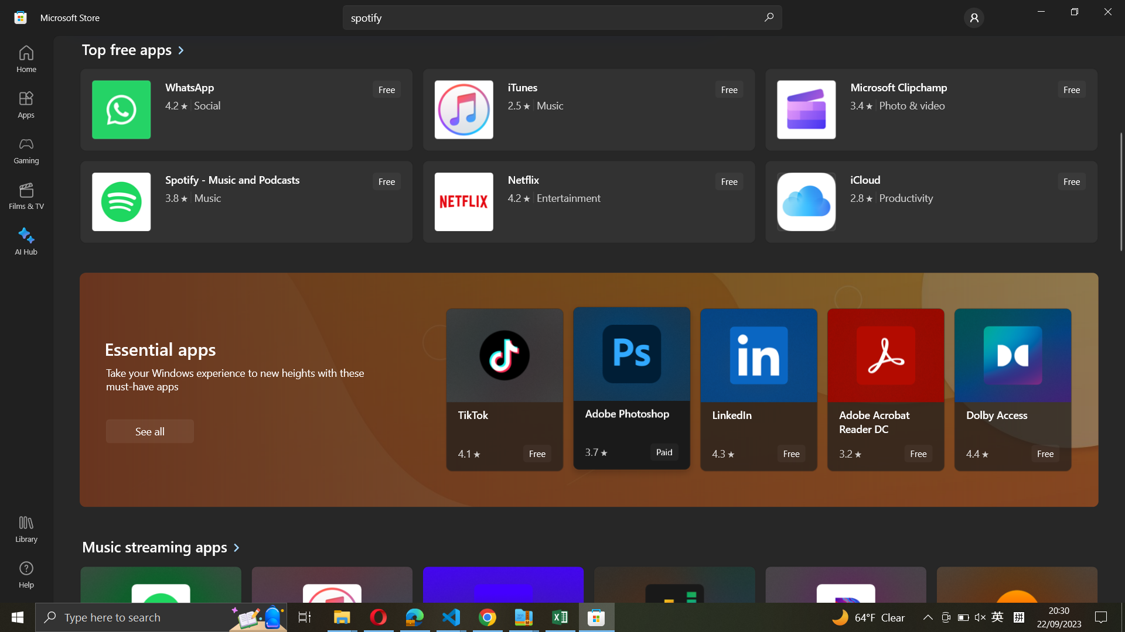 This screenshot has width=1125, height=632. I want to click on Start iTunes application, so click(587, 111).